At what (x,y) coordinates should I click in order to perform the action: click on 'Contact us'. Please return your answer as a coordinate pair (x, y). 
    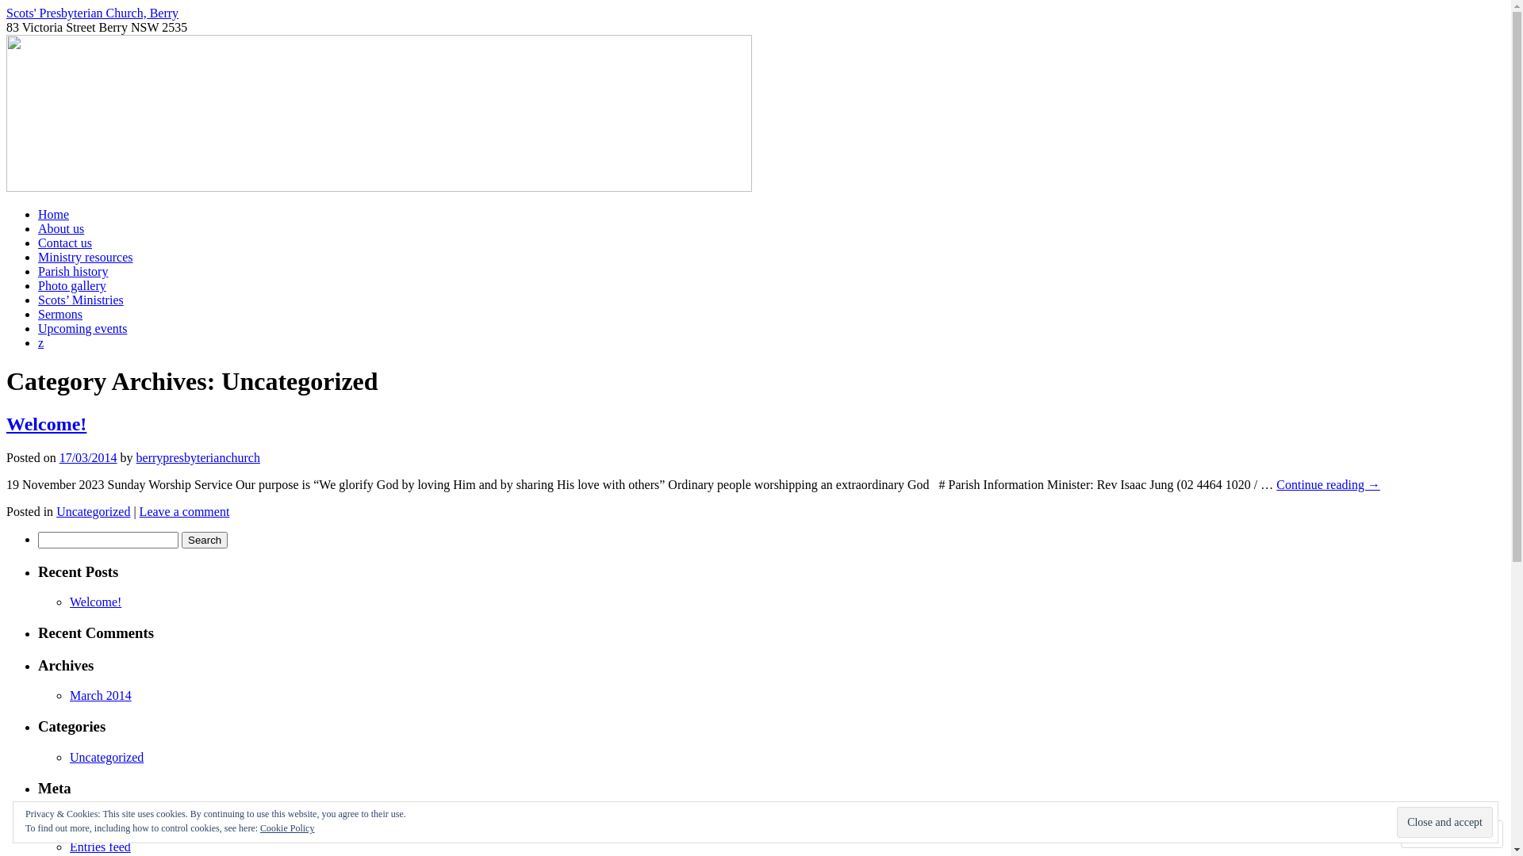
    Looking at the image, I should click on (63, 243).